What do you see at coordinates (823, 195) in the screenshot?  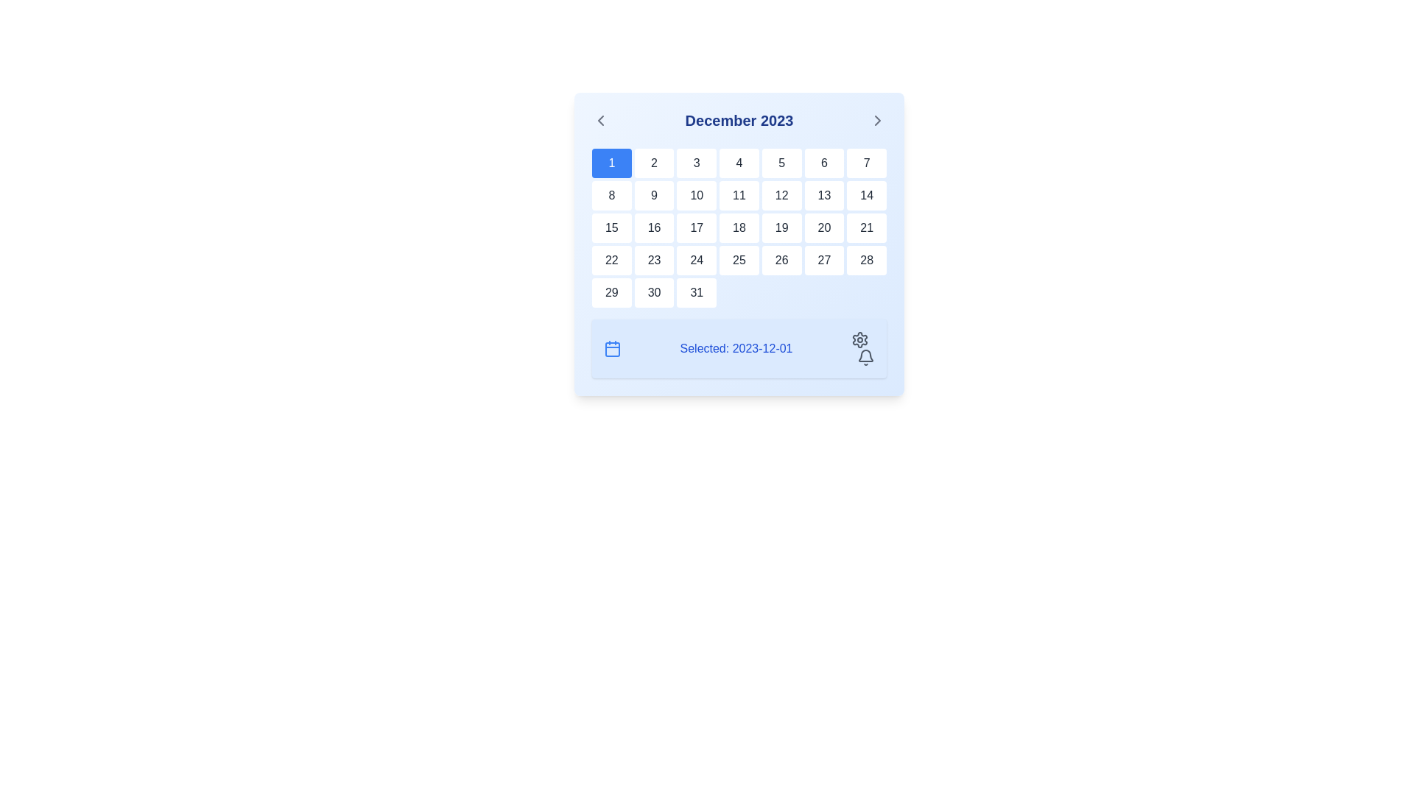 I see `the button-like interactive component displaying '13' in the calendar under 'December 2023'` at bounding box center [823, 195].